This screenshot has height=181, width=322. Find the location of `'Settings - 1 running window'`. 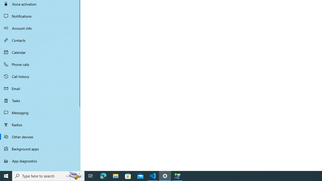

'Settings - 1 running window' is located at coordinates (165, 175).